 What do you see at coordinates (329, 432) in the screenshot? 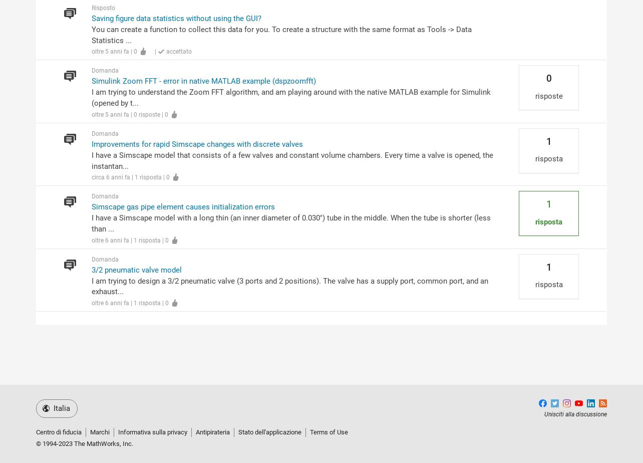
I see `'Terms of Use'` at bounding box center [329, 432].